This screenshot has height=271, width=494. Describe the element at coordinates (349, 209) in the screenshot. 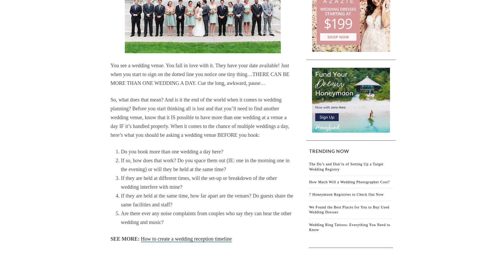

I see `'We Found the Best Places for You to Buy Used Wedding Dresses'` at that location.